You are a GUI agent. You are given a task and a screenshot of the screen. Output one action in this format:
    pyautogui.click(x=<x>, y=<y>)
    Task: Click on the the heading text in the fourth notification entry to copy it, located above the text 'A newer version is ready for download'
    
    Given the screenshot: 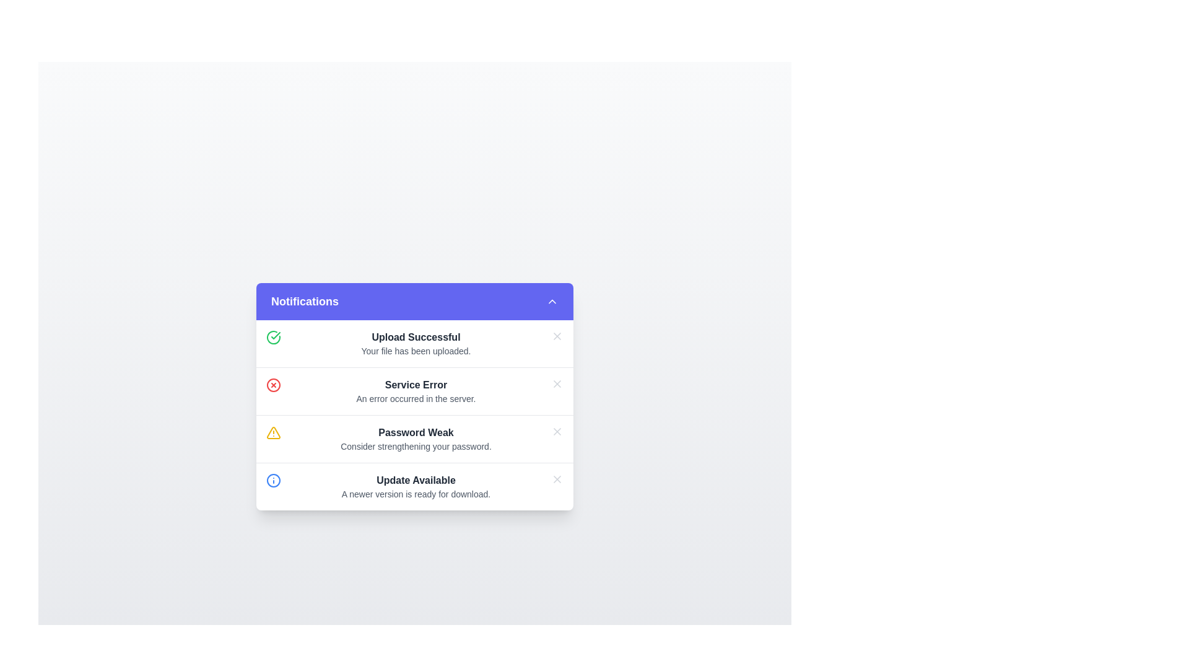 What is the action you would take?
    pyautogui.click(x=416, y=479)
    